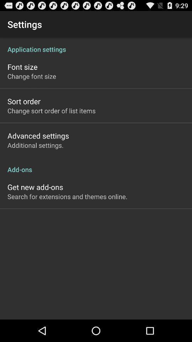 This screenshot has width=192, height=342. What do you see at coordinates (96, 45) in the screenshot?
I see `the application settings` at bounding box center [96, 45].